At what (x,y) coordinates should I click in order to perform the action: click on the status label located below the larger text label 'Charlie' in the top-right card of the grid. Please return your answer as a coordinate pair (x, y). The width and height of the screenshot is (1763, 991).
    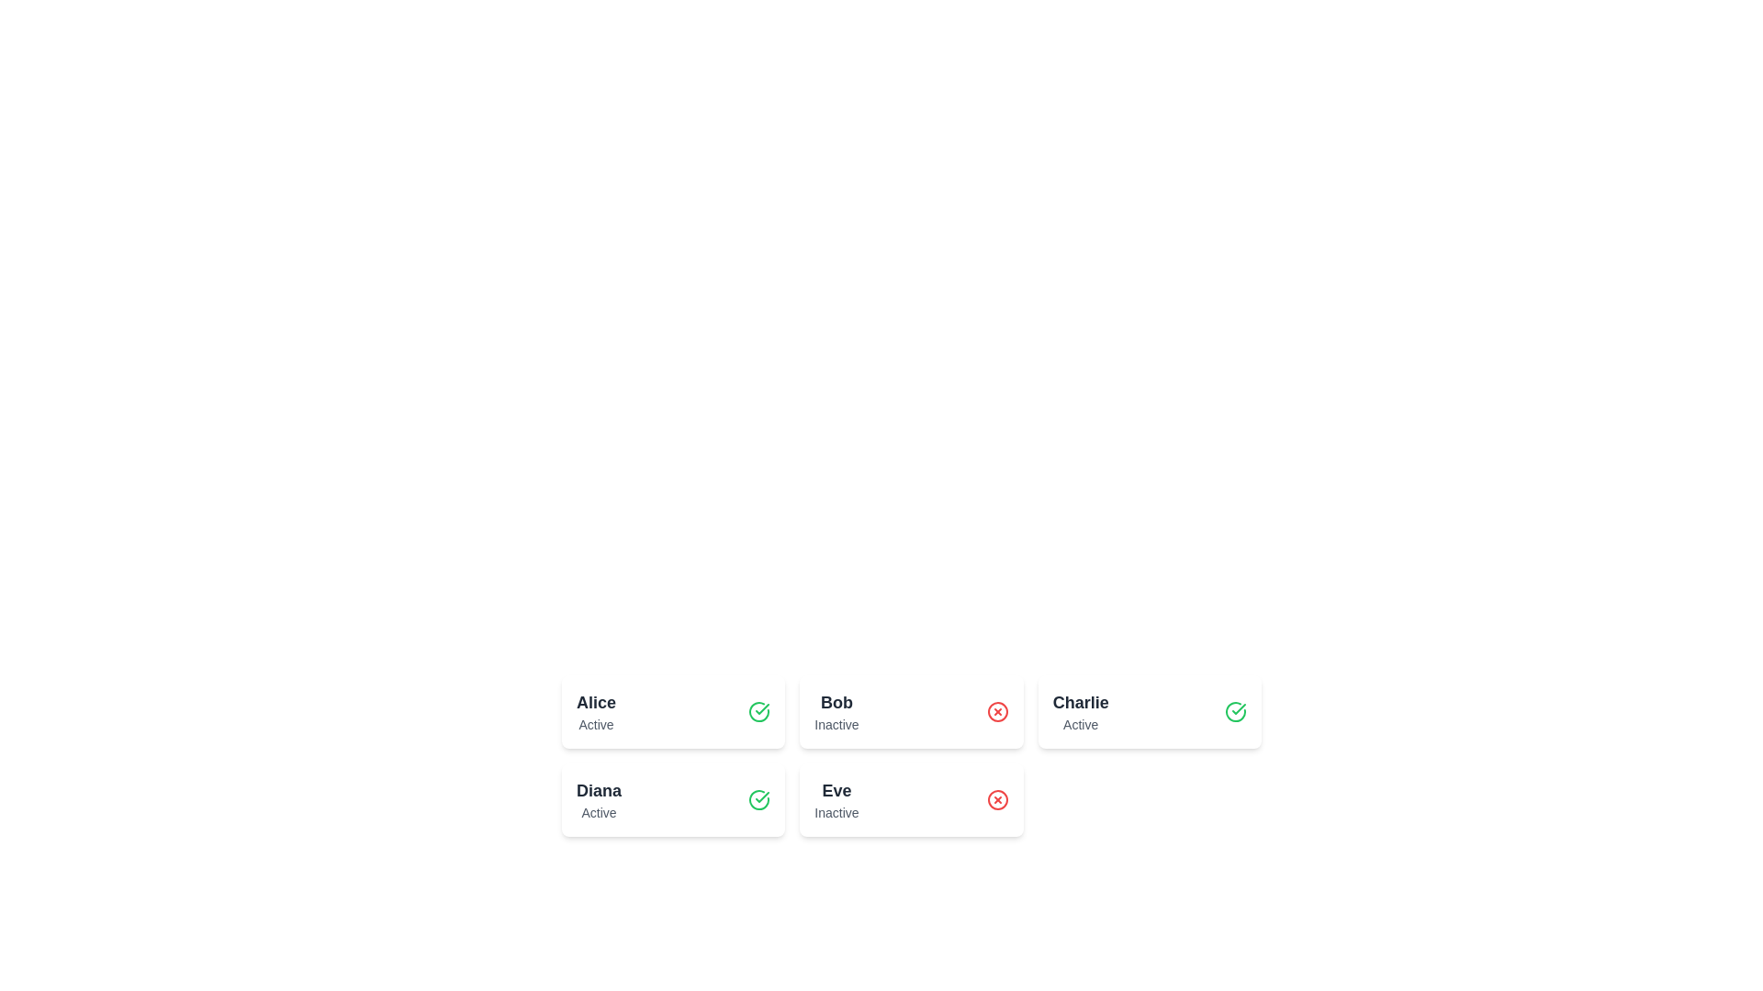
    Looking at the image, I should click on (1081, 724).